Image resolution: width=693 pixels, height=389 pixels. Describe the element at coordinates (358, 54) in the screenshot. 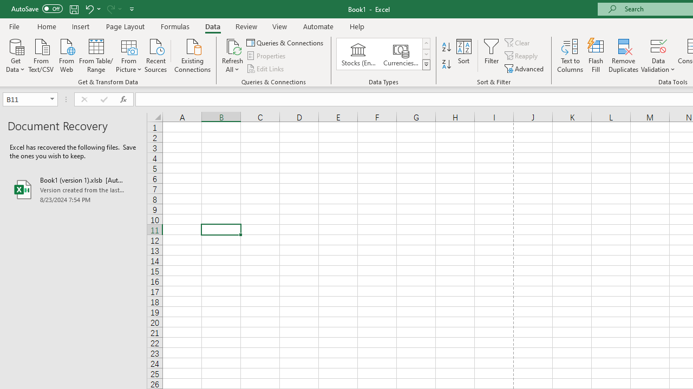

I see `'Stocks (English)'` at that location.